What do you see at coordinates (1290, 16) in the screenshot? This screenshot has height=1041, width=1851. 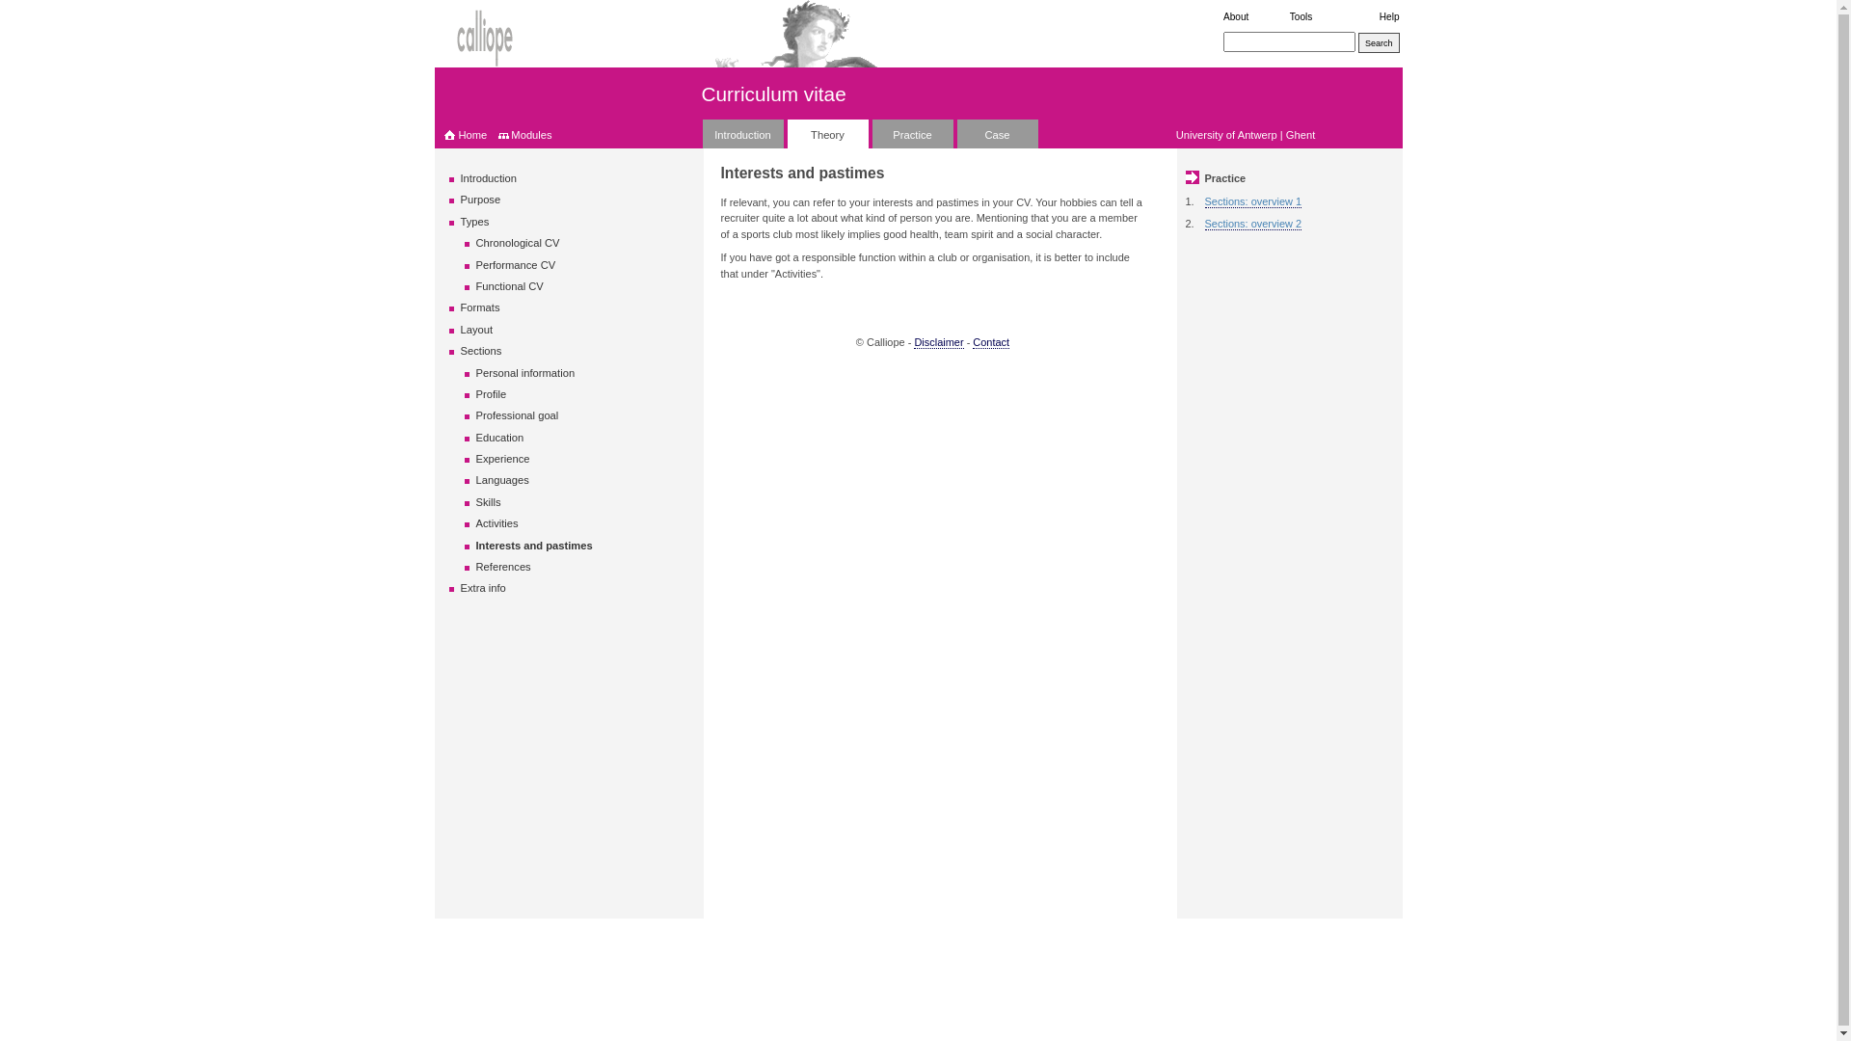 I see `'Tools'` at bounding box center [1290, 16].